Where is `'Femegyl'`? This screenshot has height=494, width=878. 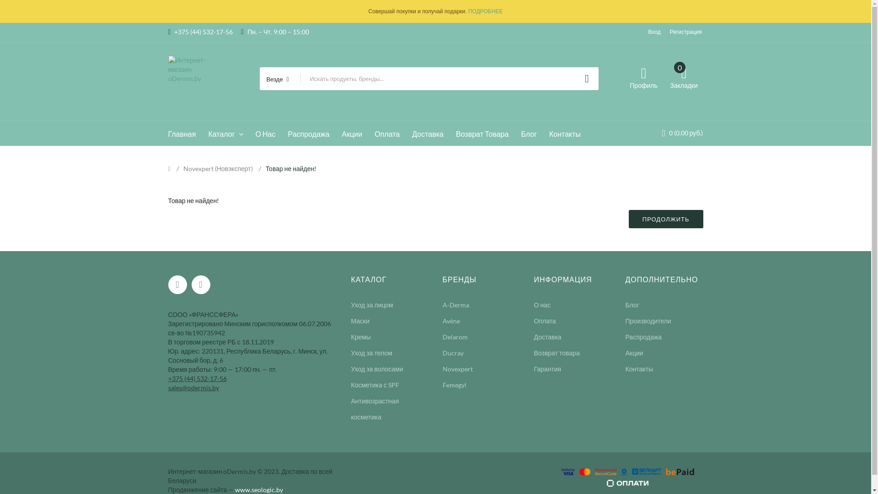
'Femegyl' is located at coordinates (454, 385).